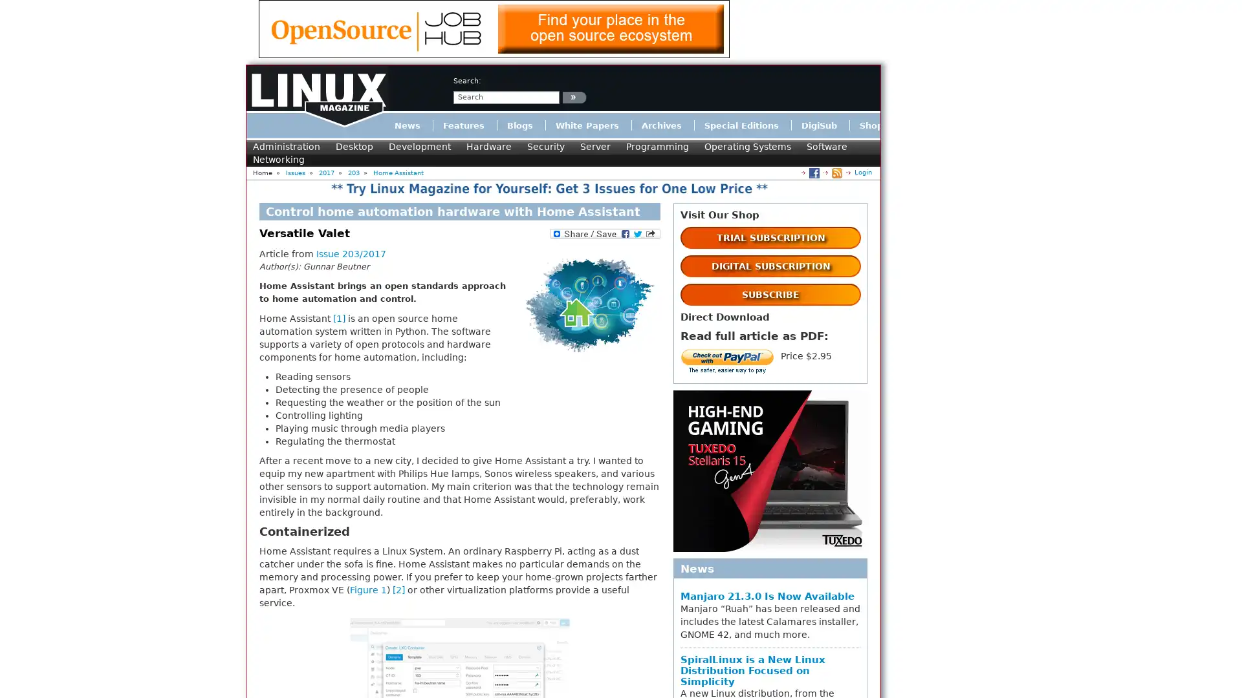  Describe the element at coordinates (574, 96) in the screenshot. I see `search:` at that location.